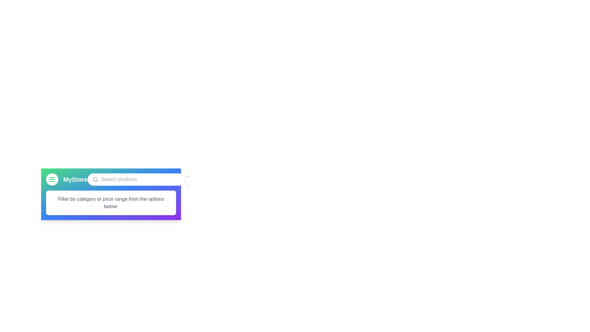 Image resolution: width=590 pixels, height=332 pixels. Describe the element at coordinates (52, 179) in the screenshot. I see `menu button to open navigation options` at that location.